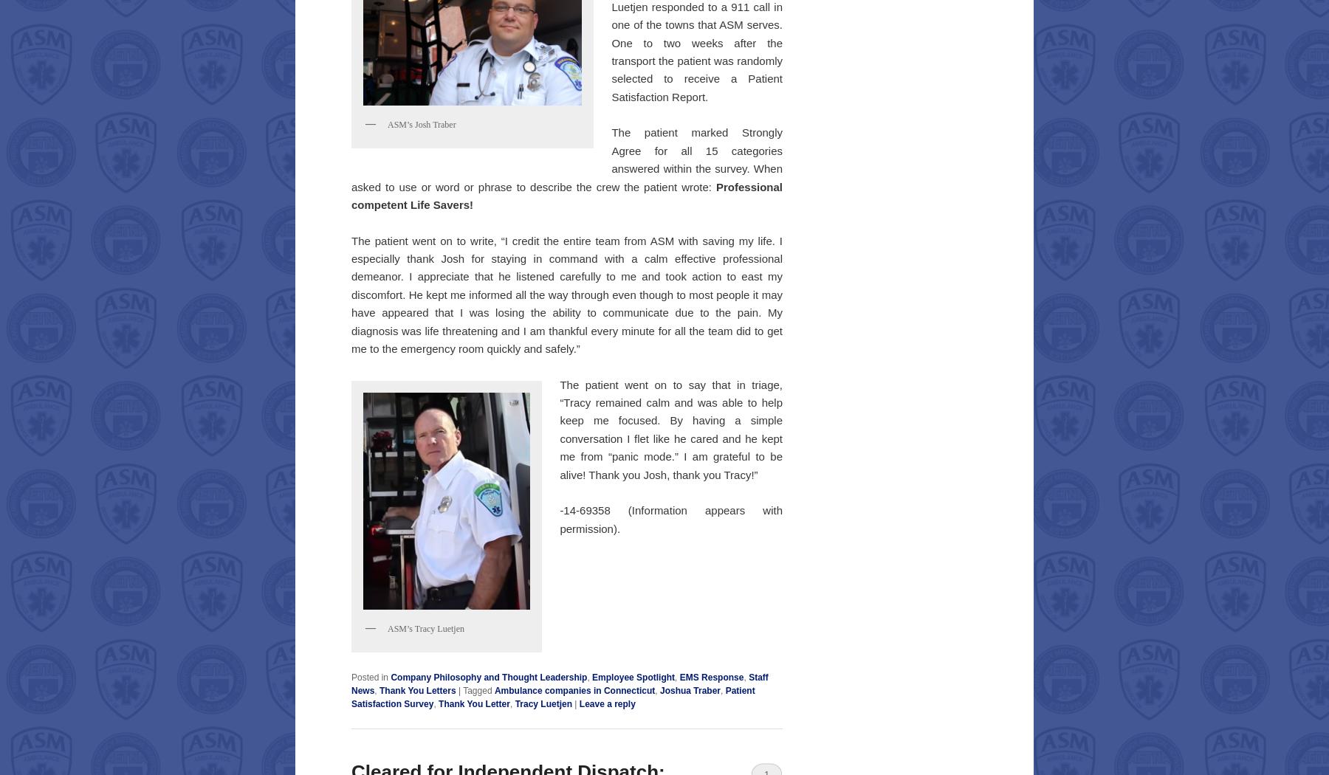 The height and width of the screenshot is (775, 1329). Describe the element at coordinates (426, 628) in the screenshot. I see `'ASM’s Tracy Luetjen'` at that location.